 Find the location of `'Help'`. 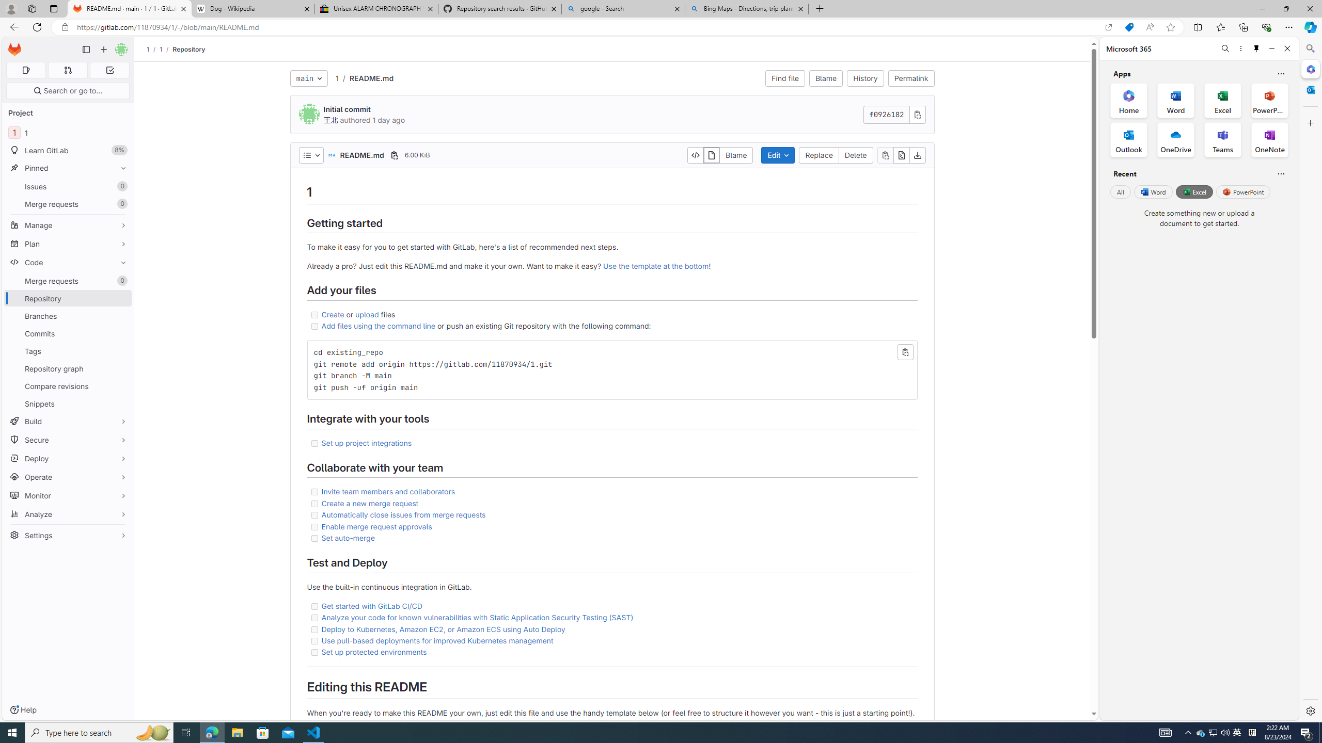

'Help' is located at coordinates (23, 709).